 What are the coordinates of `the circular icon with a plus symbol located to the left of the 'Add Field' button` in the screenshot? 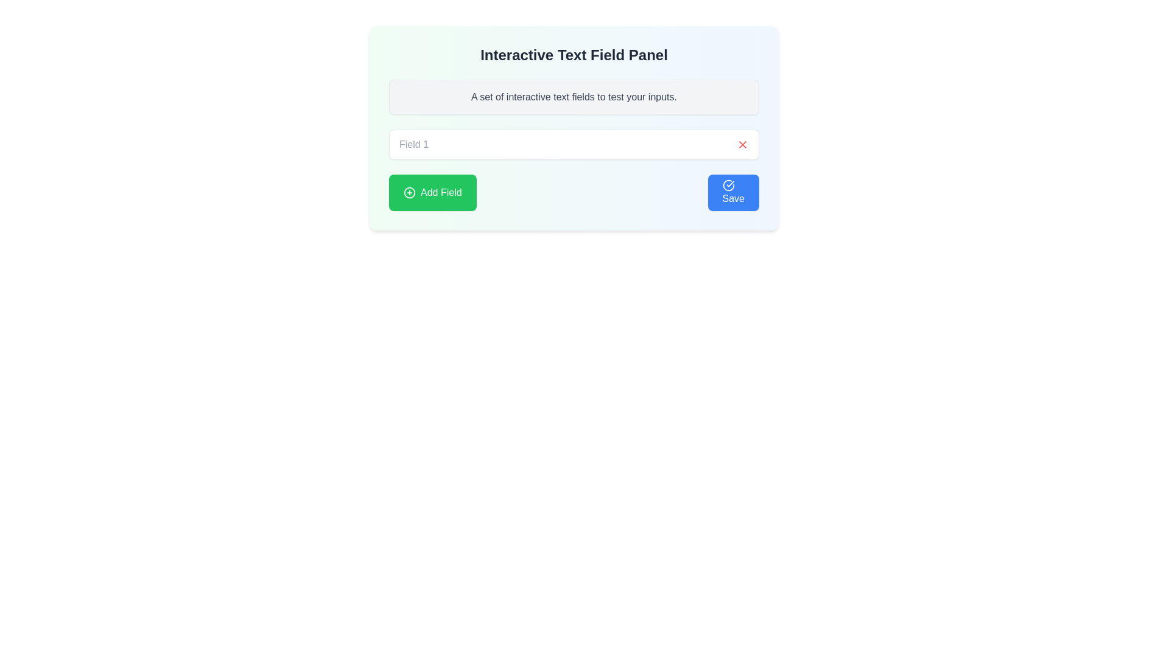 It's located at (409, 192).